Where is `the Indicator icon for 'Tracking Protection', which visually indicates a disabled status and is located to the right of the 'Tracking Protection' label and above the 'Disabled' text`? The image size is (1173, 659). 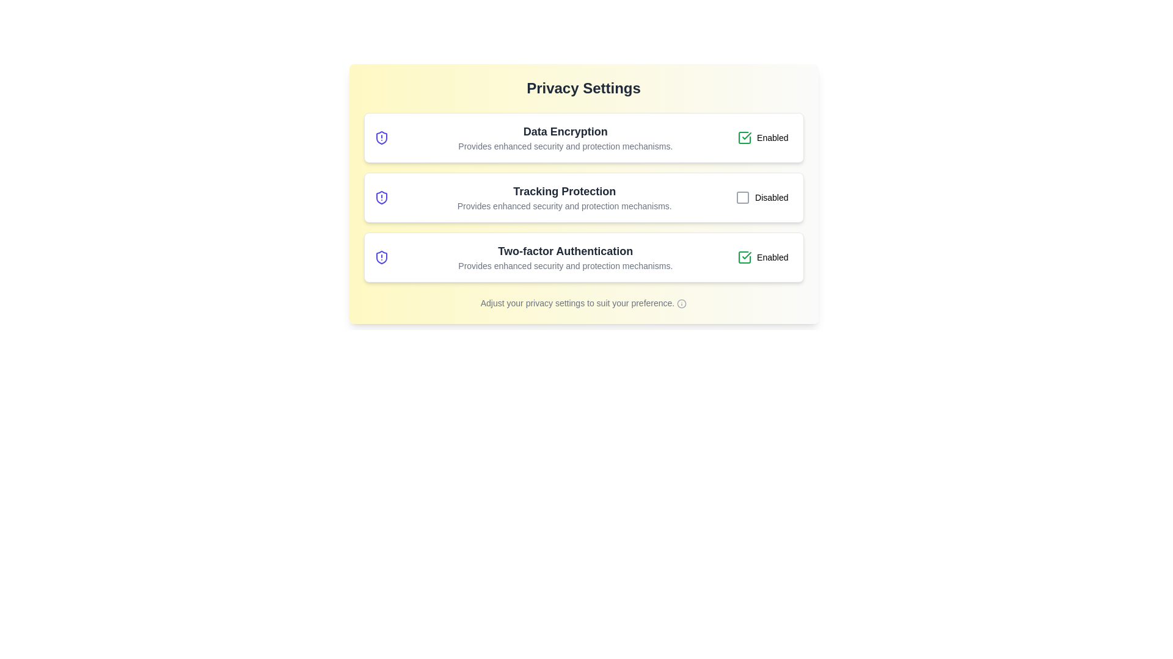 the Indicator icon for 'Tracking Protection', which visually indicates a disabled status and is located to the right of the 'Tracking Protection' label and above the 'Disabled' text is located at coordinates (742, 197).